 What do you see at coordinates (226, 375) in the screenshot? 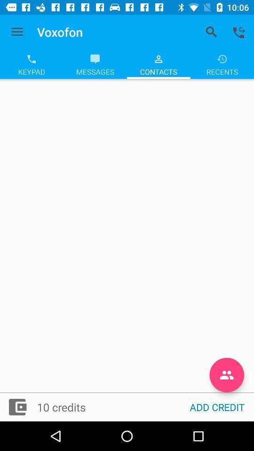
I see `the follow icon` at bounding box center [226, 375].